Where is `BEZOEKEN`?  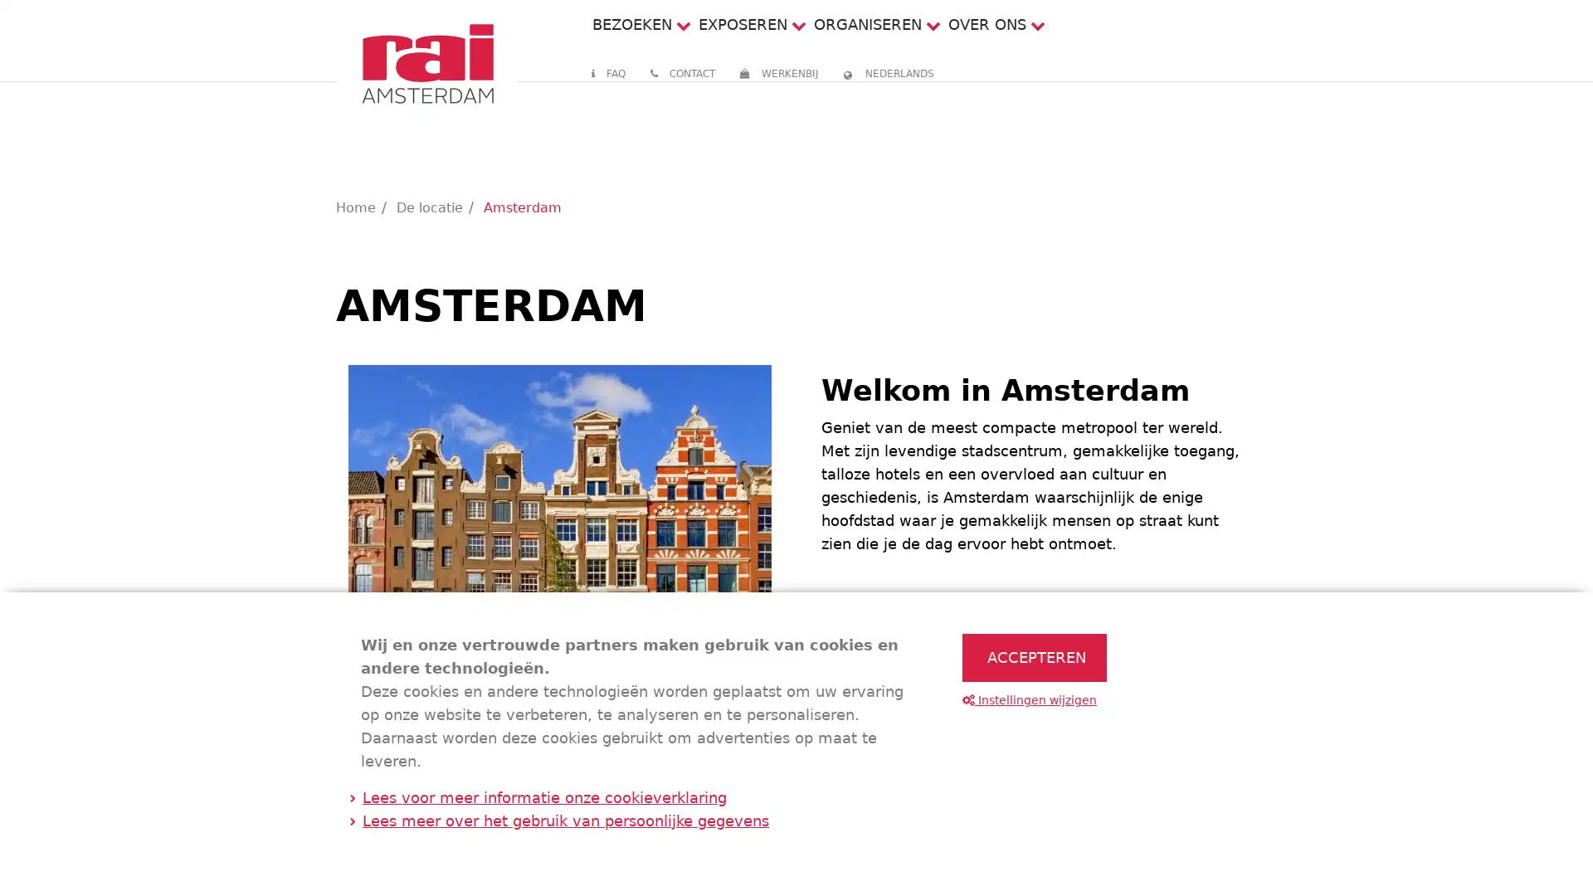 BEZOEKEN is located at coordinates (631, 24).